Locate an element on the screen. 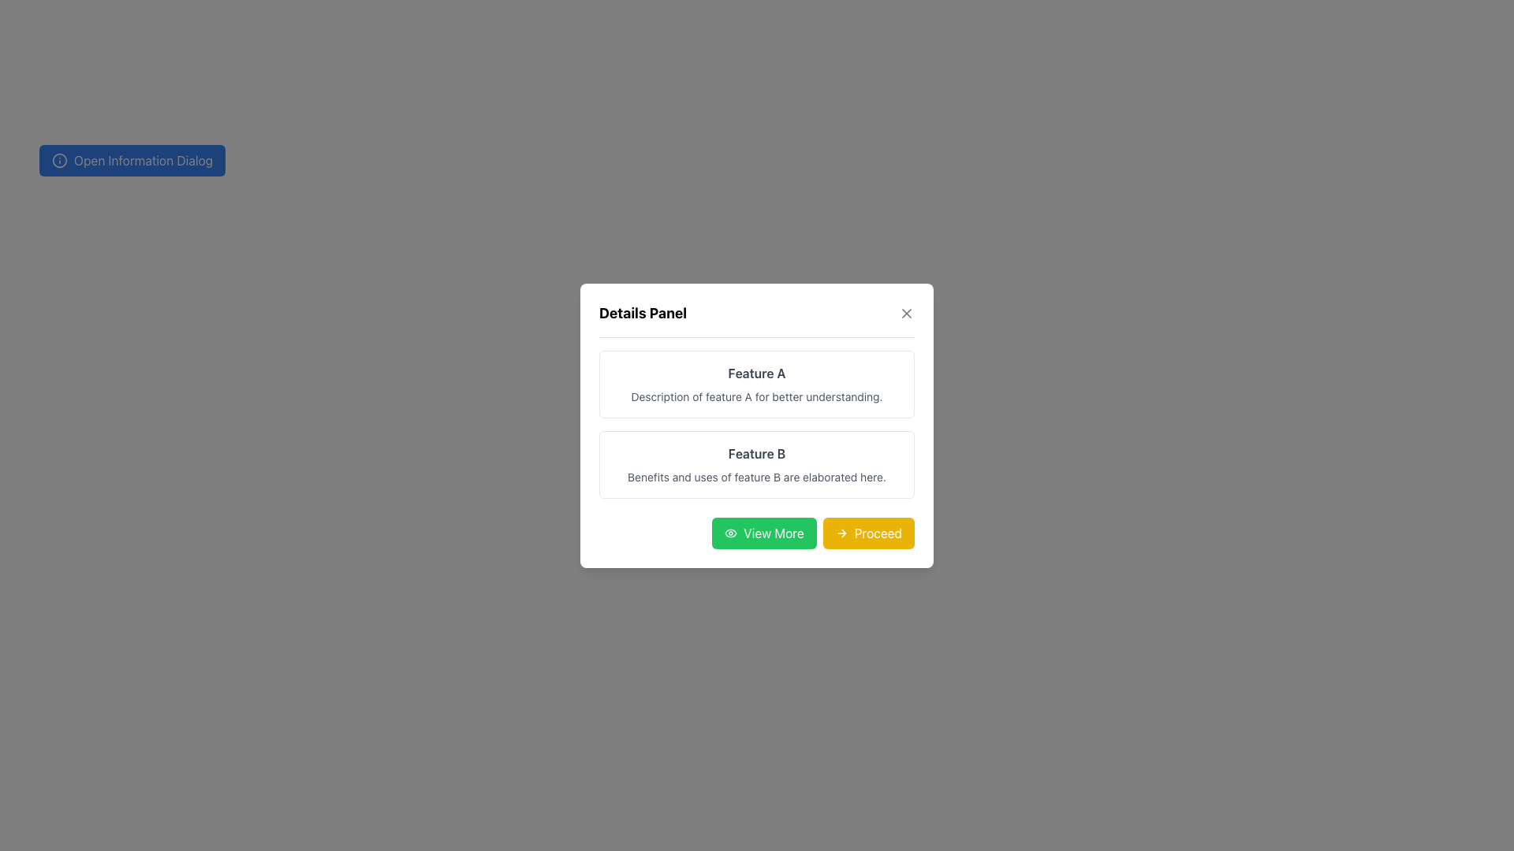 The height and width of the screenshot is (851, 1514). the blue rectangular button with rounded corners and white text that reads 'Open Information Dialog' is located at coordinates (132, 161).